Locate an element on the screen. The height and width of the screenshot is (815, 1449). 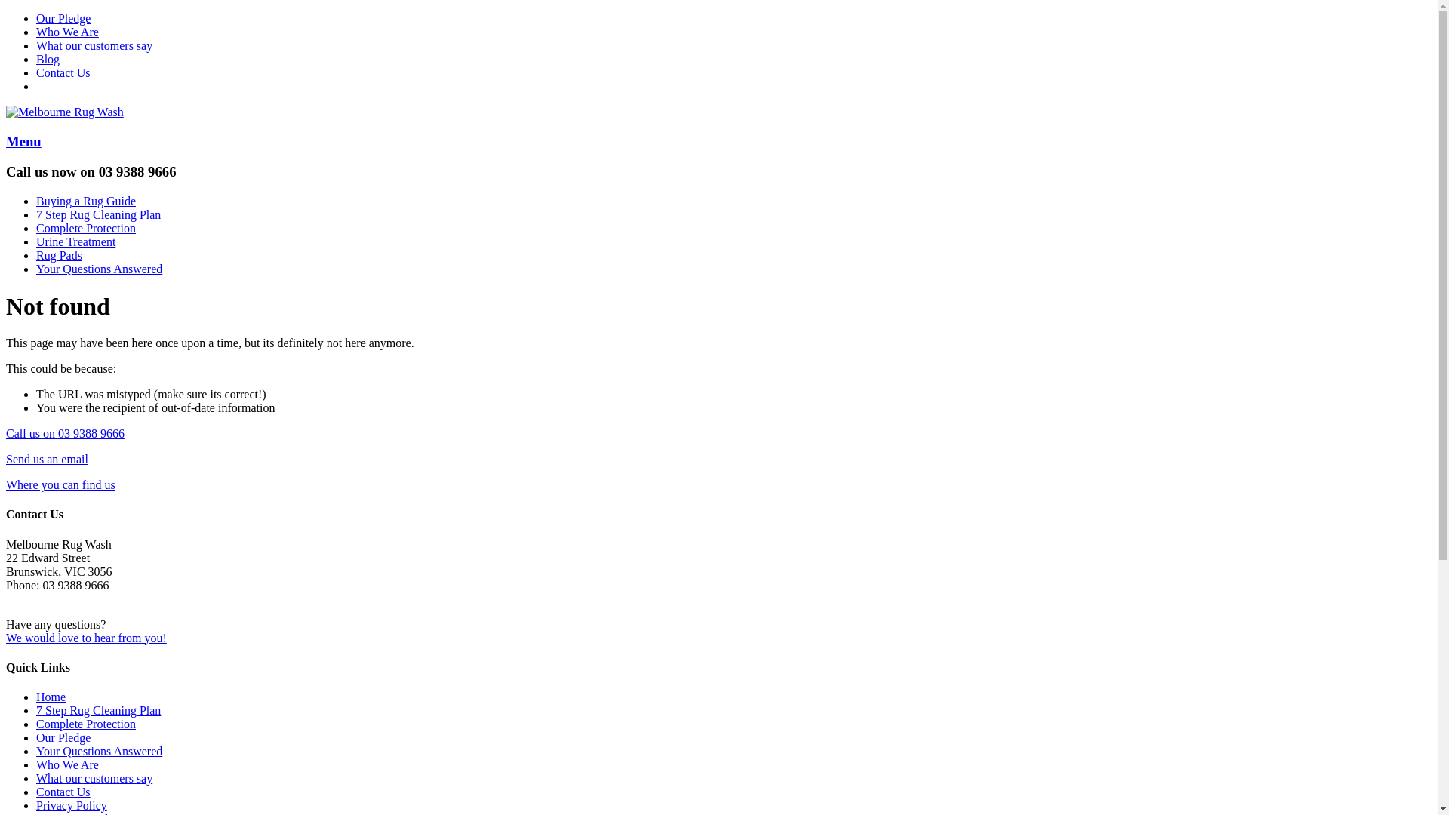
'7 Step Rug Cleaning Plan' is located at coordinates (97, 710).